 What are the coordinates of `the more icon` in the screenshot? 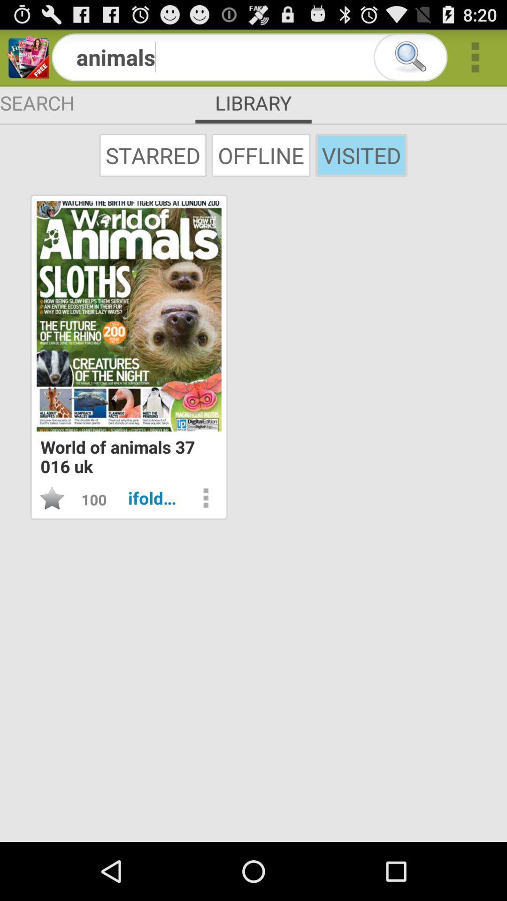 It's located at (475, 61).